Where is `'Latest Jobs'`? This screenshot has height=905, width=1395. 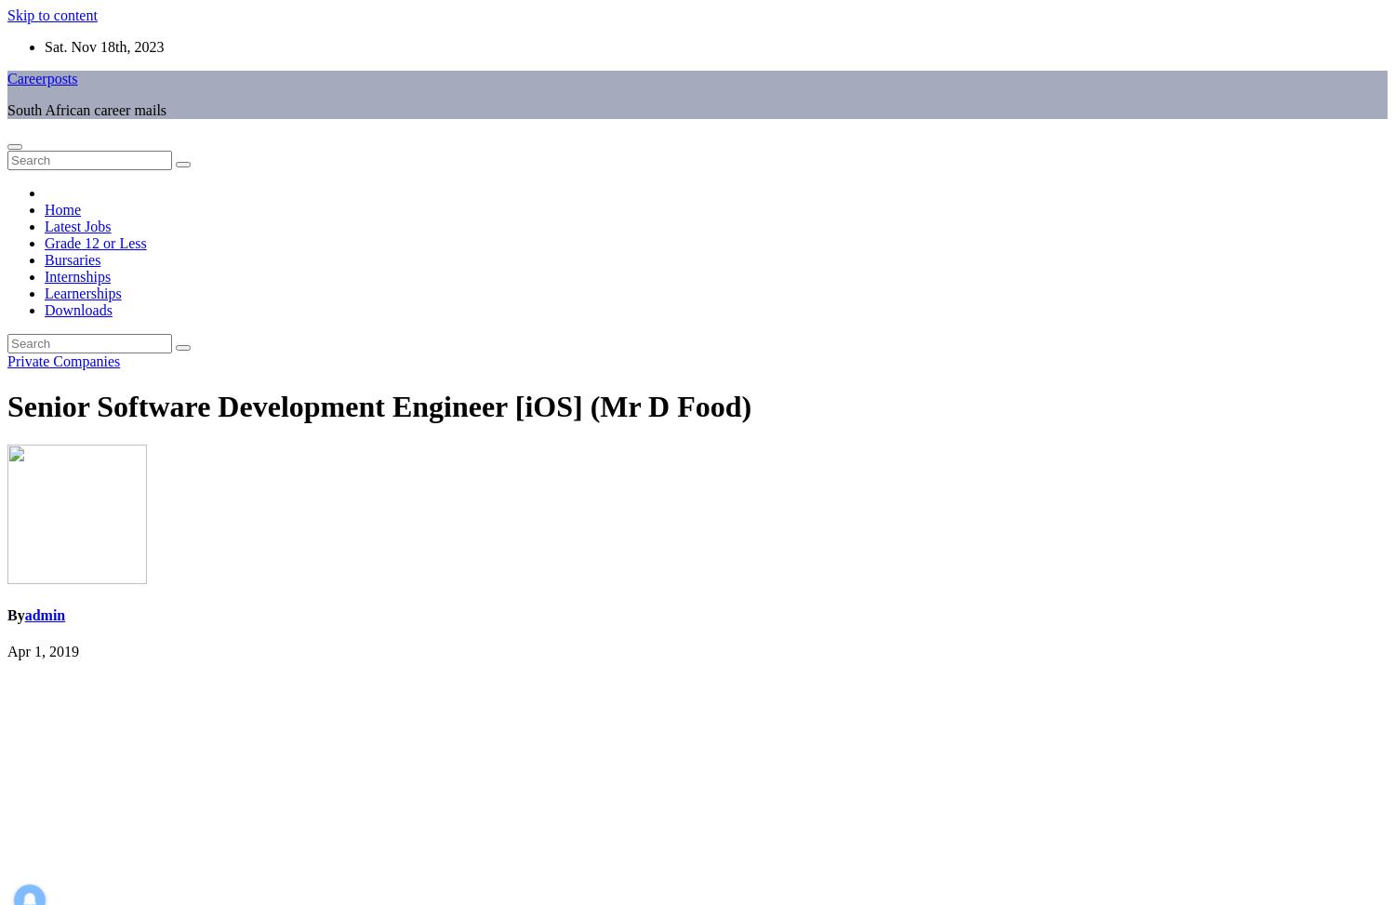 'Latest Jobs' is located at coordinates (76, 225).